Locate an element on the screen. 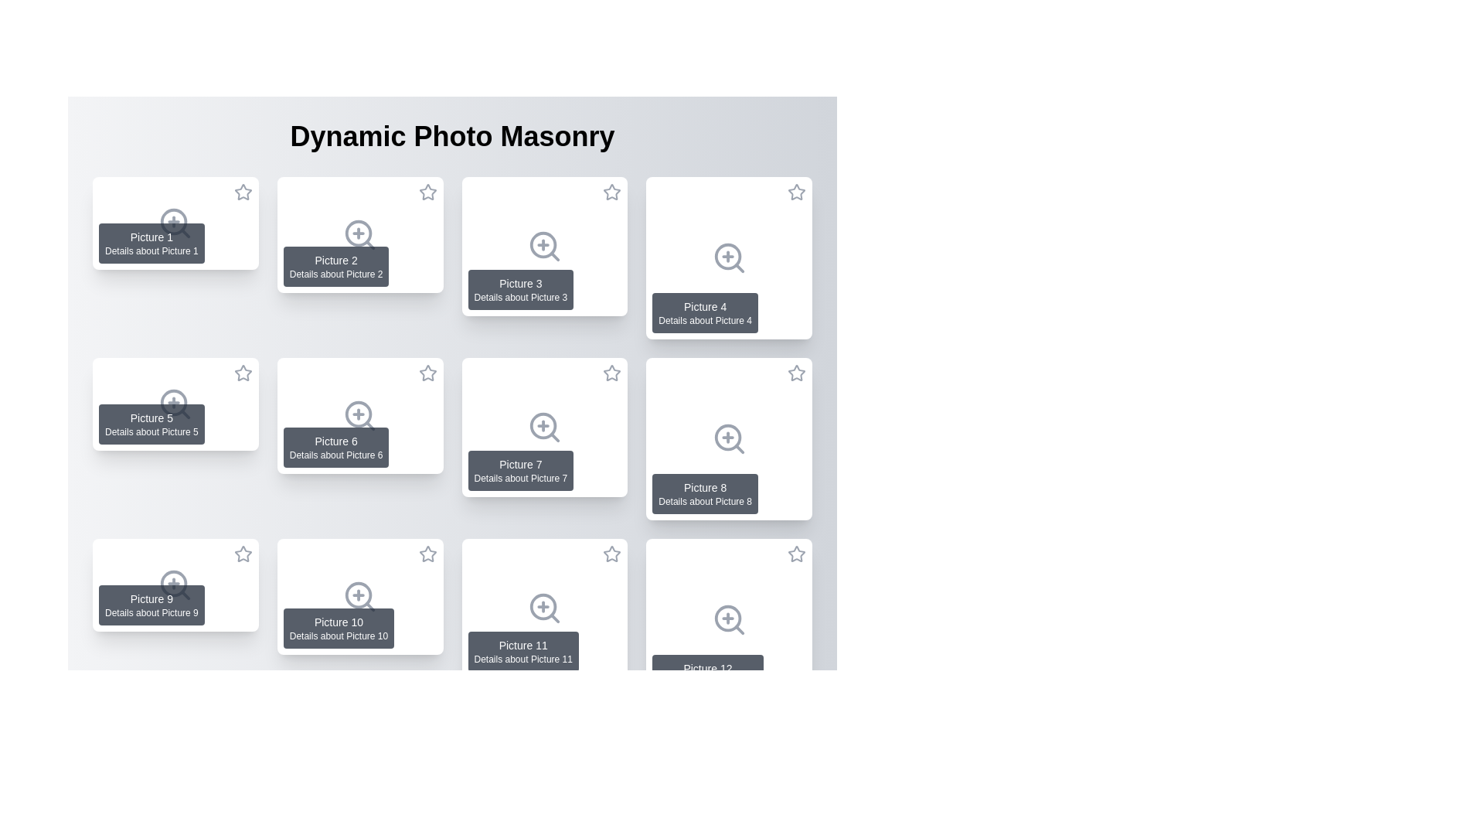  the star-shaped icon button located in the top-right corner of the 'Picture 1' card, which has a gray outline and is part of the card's repeated layout is located at coordinates (242, 192).